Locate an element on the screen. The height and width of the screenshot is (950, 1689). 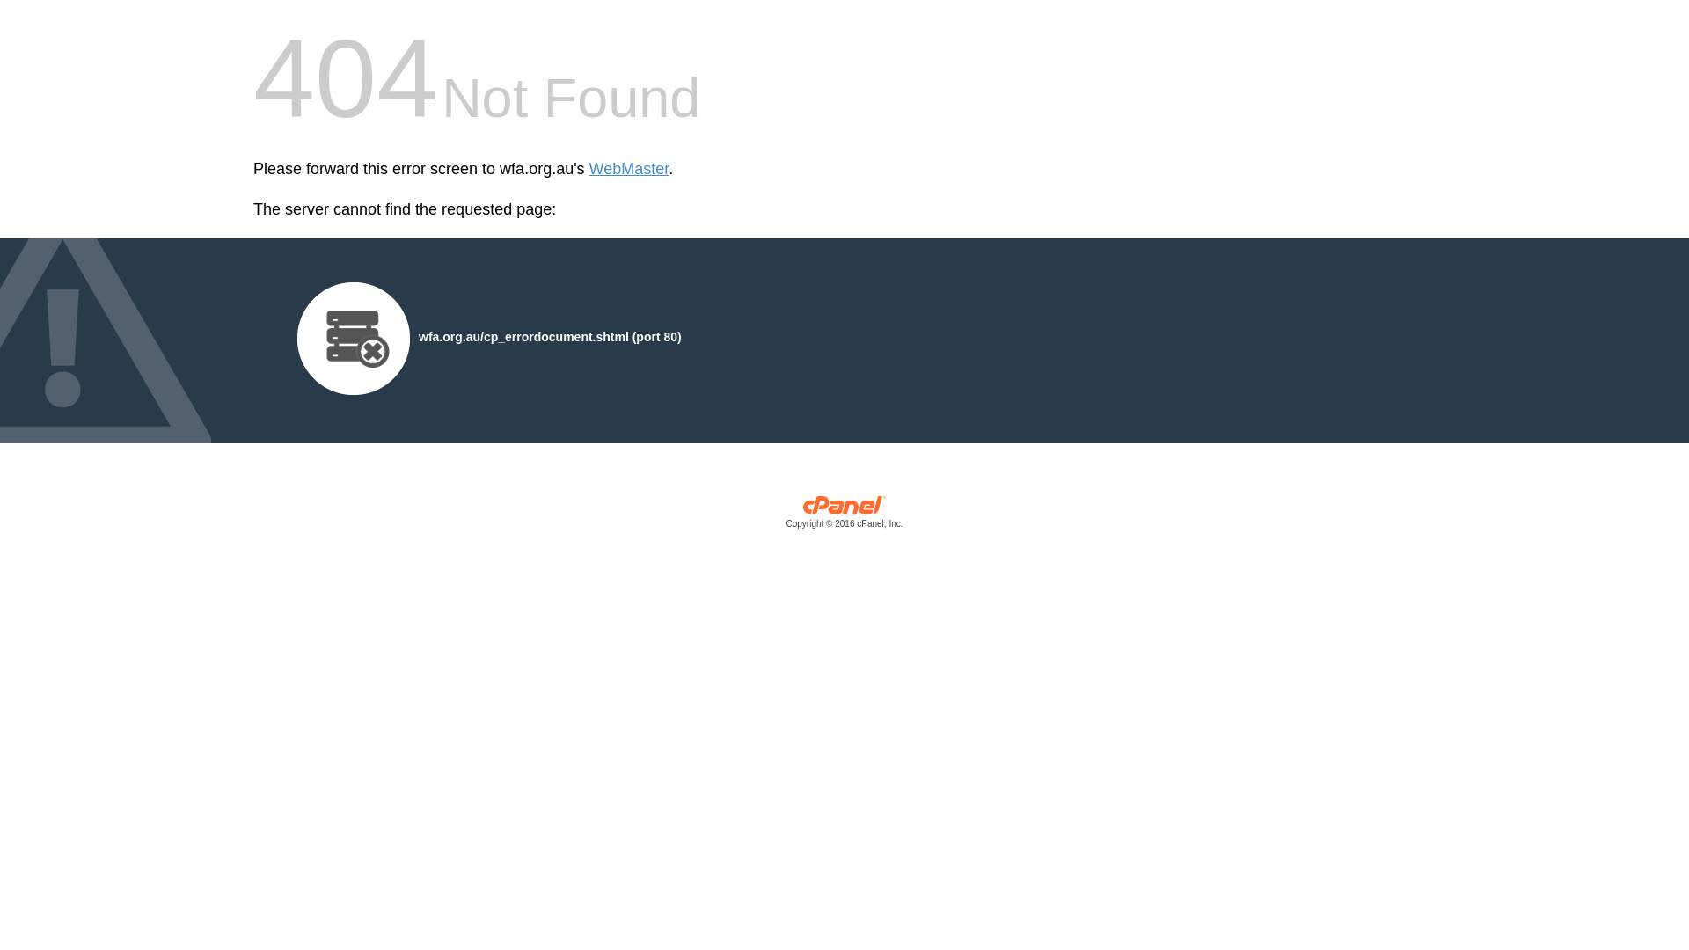
'WebMaster' is located at coordinates (629, 169).